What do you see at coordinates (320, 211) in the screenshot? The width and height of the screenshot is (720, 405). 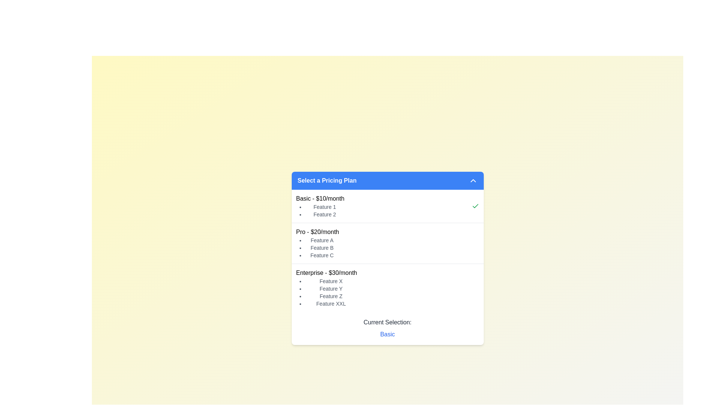 I see `the unordered list displaying 'Feature 1' and 'Feature 2' located below the 'Basic - $10/month' text in the pricing options section` at bounding box center [320, 211].